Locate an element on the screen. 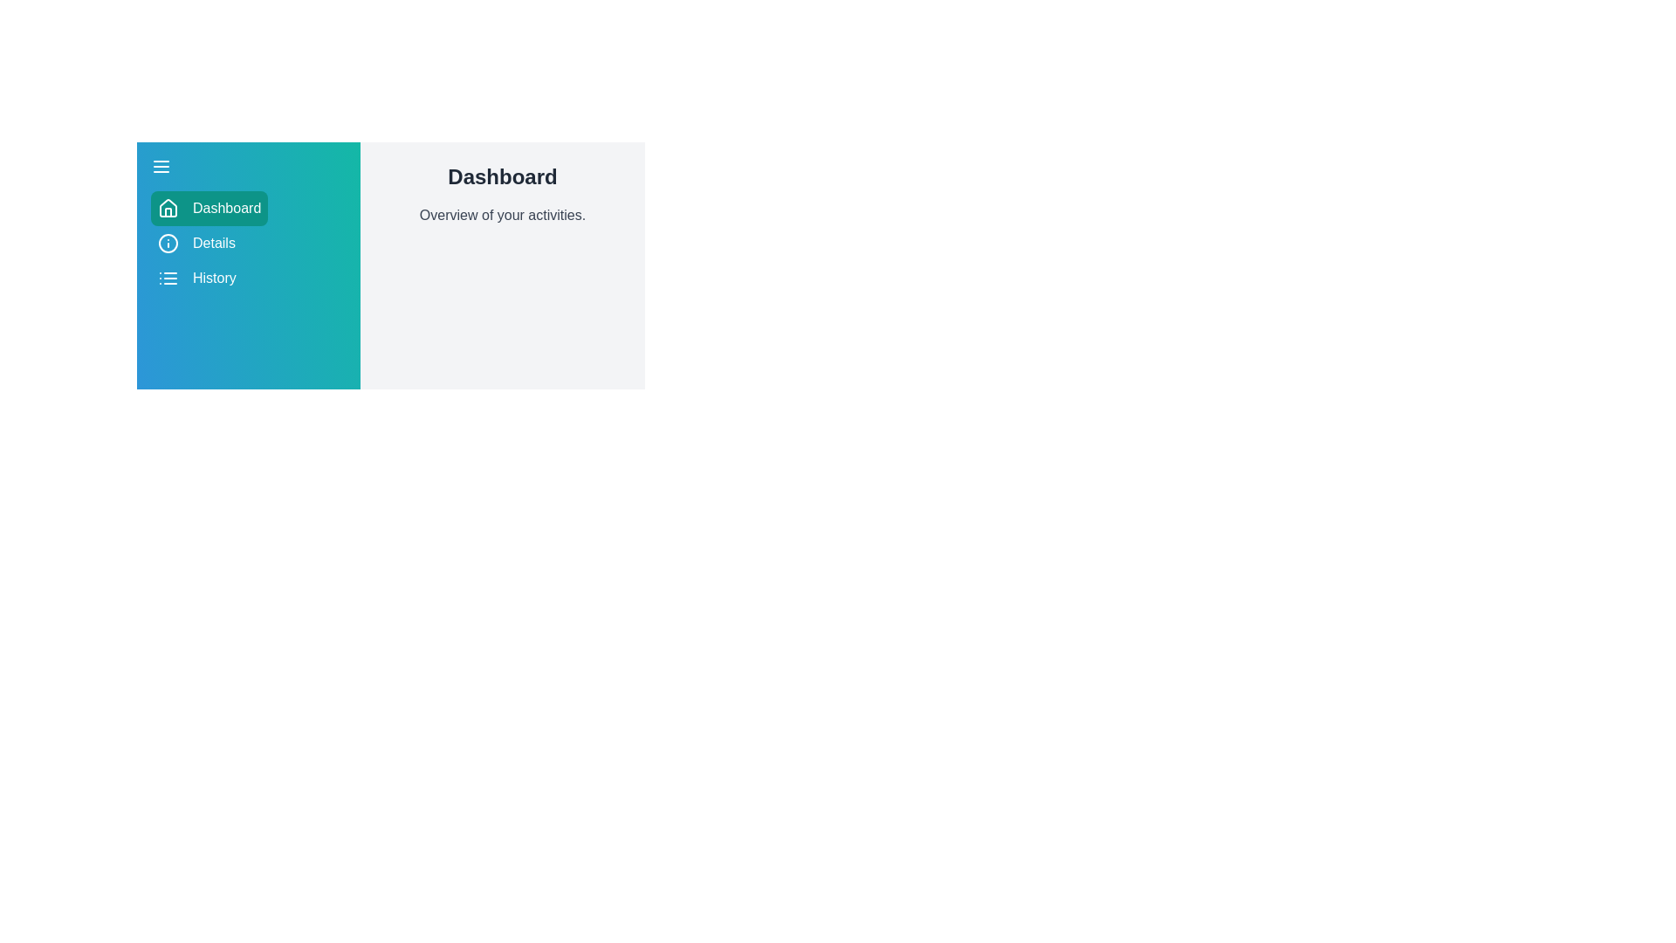 The image size is (1676, 943). the History section by clicking its corresponding button in the sidebar is located at coordinates (196, 278).